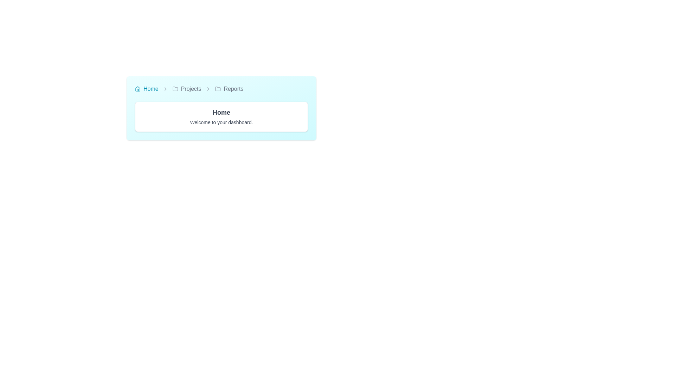 The width and height of the screenshot is (675, 380). Describe the element at coordinates (175, 88) in the screenshot. I see `the folder icon in the breadcrumb navigation bar by hovering over it to navigate indirectly` at that location.